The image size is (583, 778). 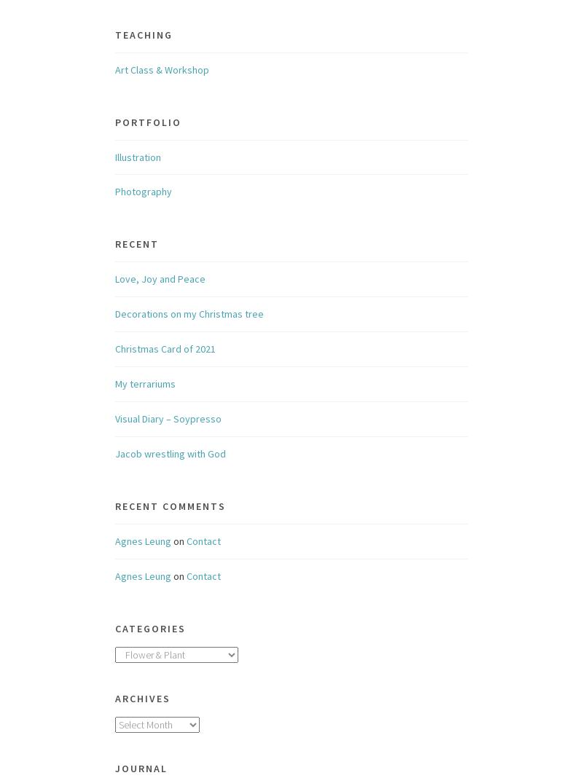 What do you see at coordinates (136, 243) in the screenshot?
I see `'Recent'` at bounding box center [136, 243].